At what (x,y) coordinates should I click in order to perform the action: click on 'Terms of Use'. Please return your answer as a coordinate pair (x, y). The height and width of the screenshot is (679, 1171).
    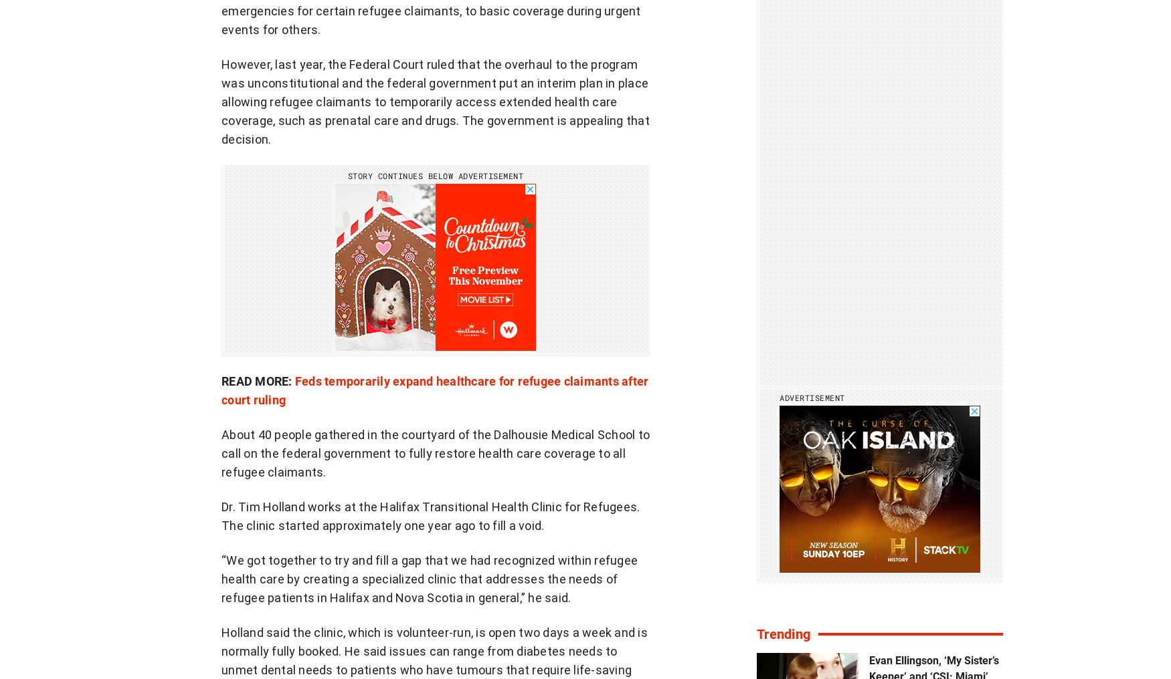
    Looking at the image, I should click on (389, 647).